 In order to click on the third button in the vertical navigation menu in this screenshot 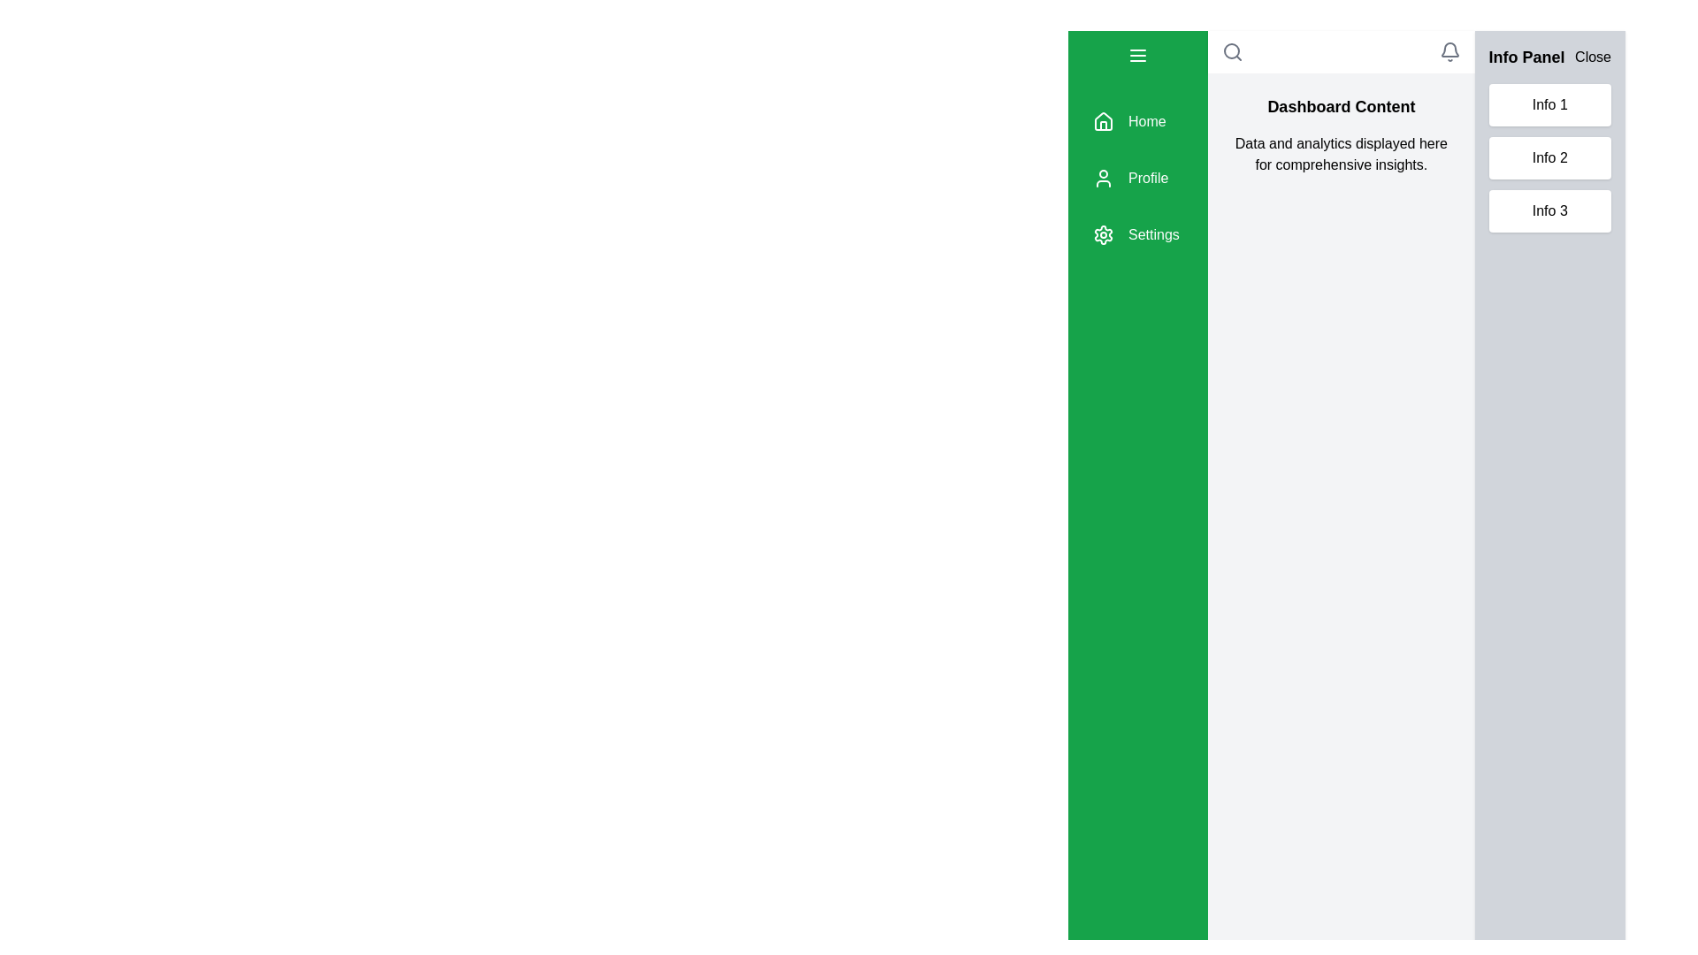, I will do `click(1138, 234)`.